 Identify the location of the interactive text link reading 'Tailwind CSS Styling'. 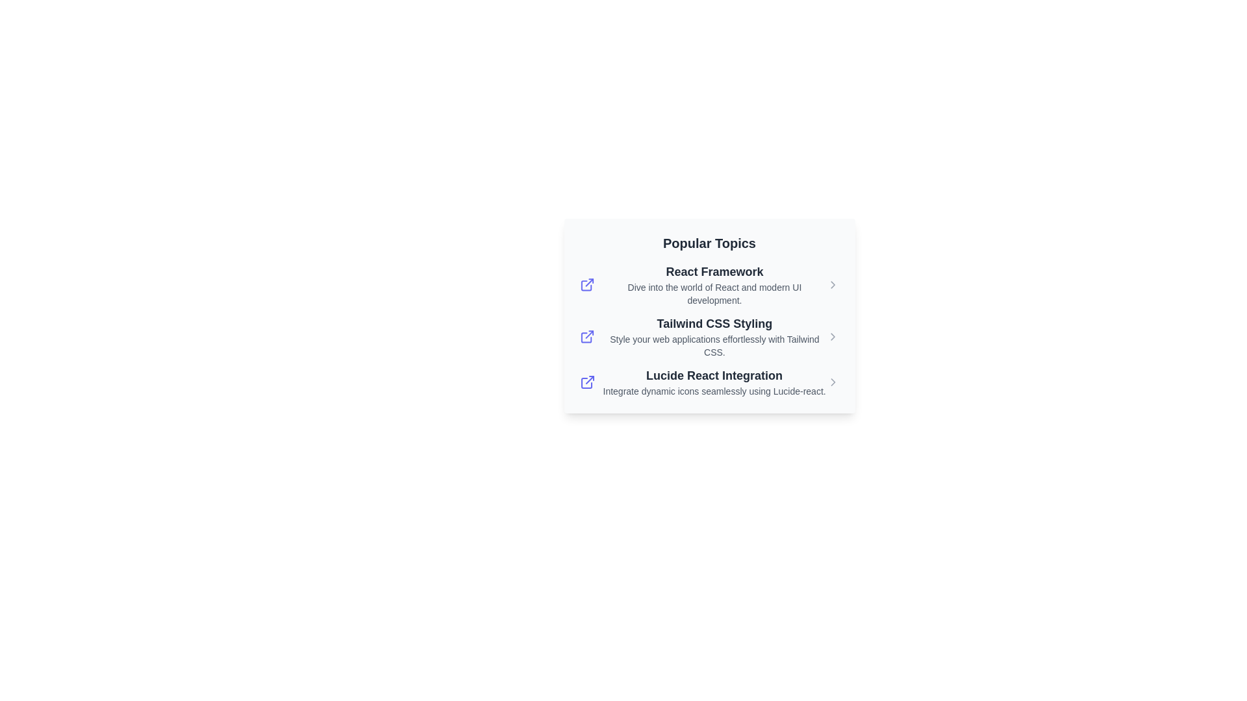
(714, 323).